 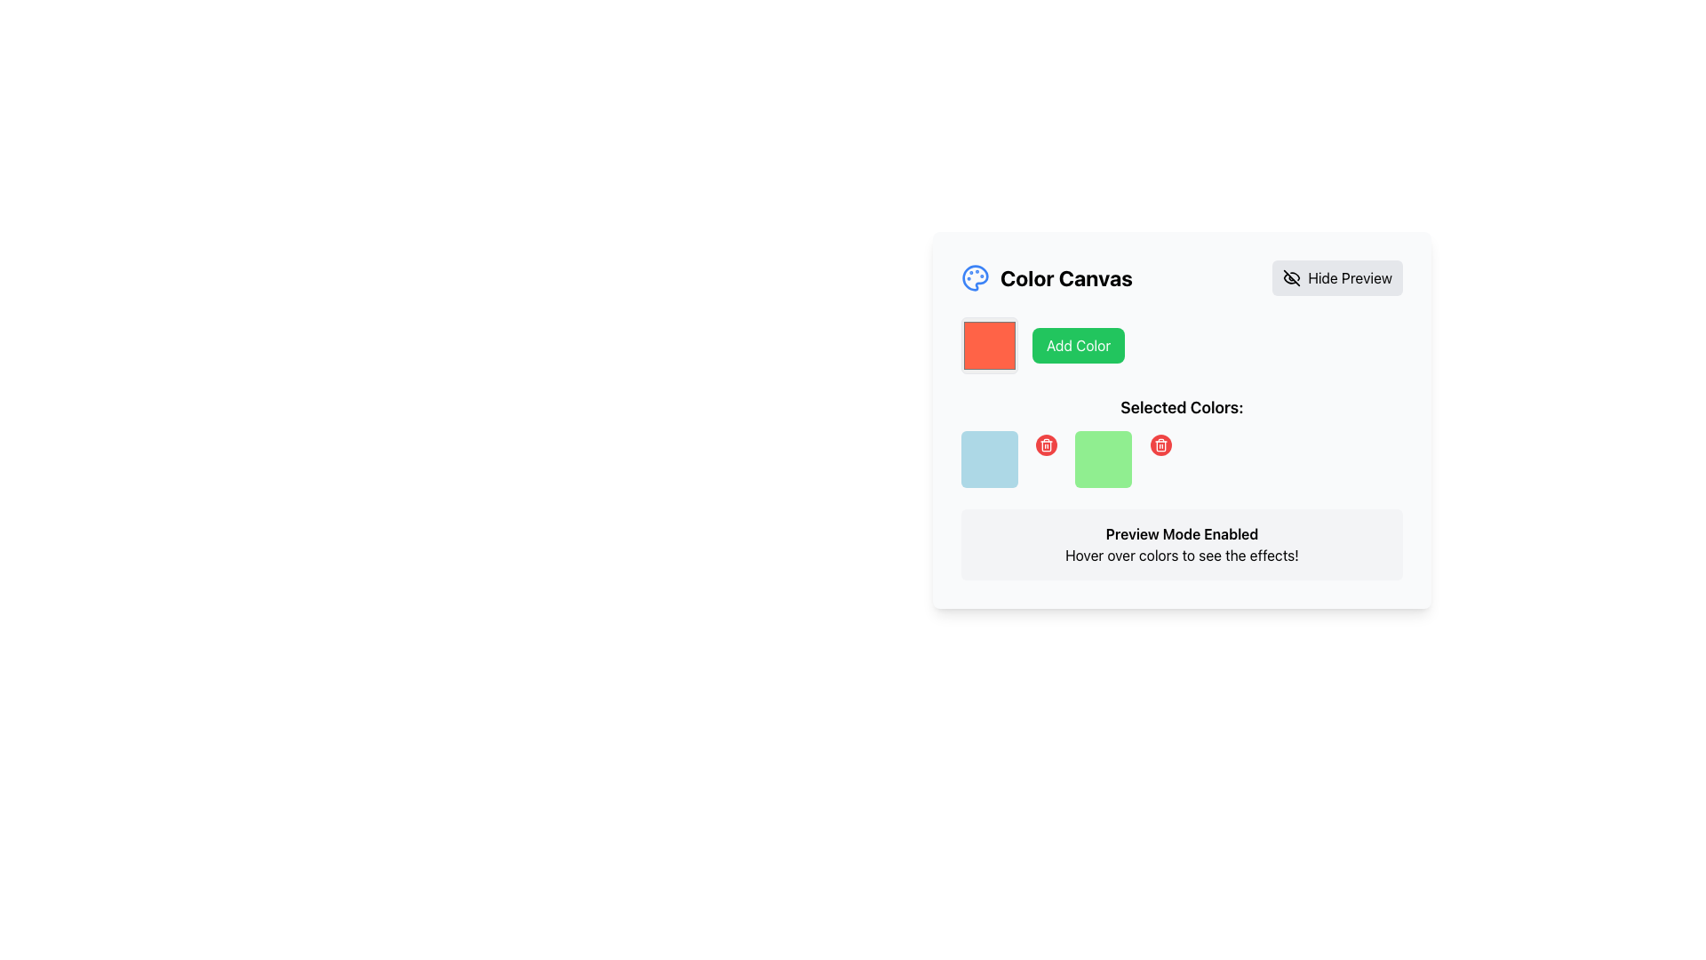 What do you see at coordinates (1047, 444) in the screenshot?
I see `the second red trash can icon button within the 'Selected Colors' section` at bounding box center [1047, 444].